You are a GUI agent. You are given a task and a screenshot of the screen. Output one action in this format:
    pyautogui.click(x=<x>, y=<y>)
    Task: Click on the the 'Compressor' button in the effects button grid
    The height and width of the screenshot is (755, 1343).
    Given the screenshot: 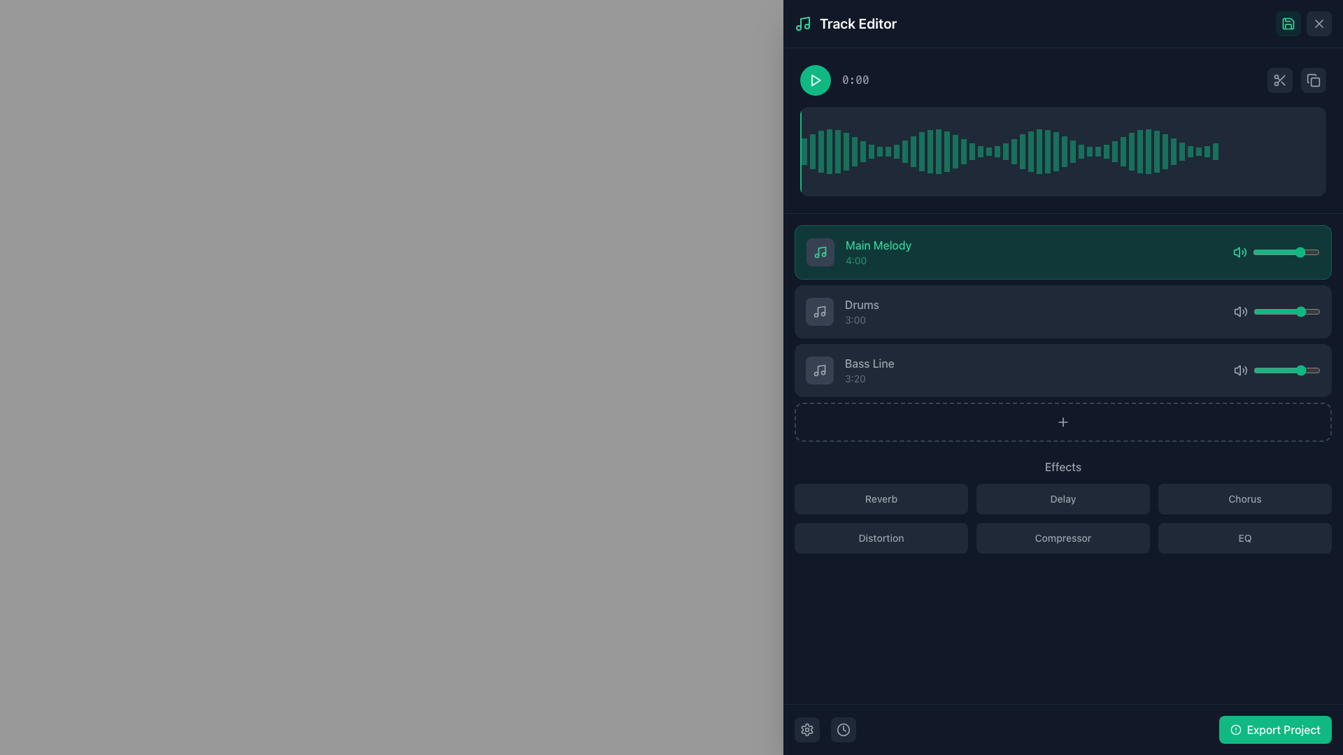 What is the action you would take?
    pyautogui.click(x=1063, y=518)
    